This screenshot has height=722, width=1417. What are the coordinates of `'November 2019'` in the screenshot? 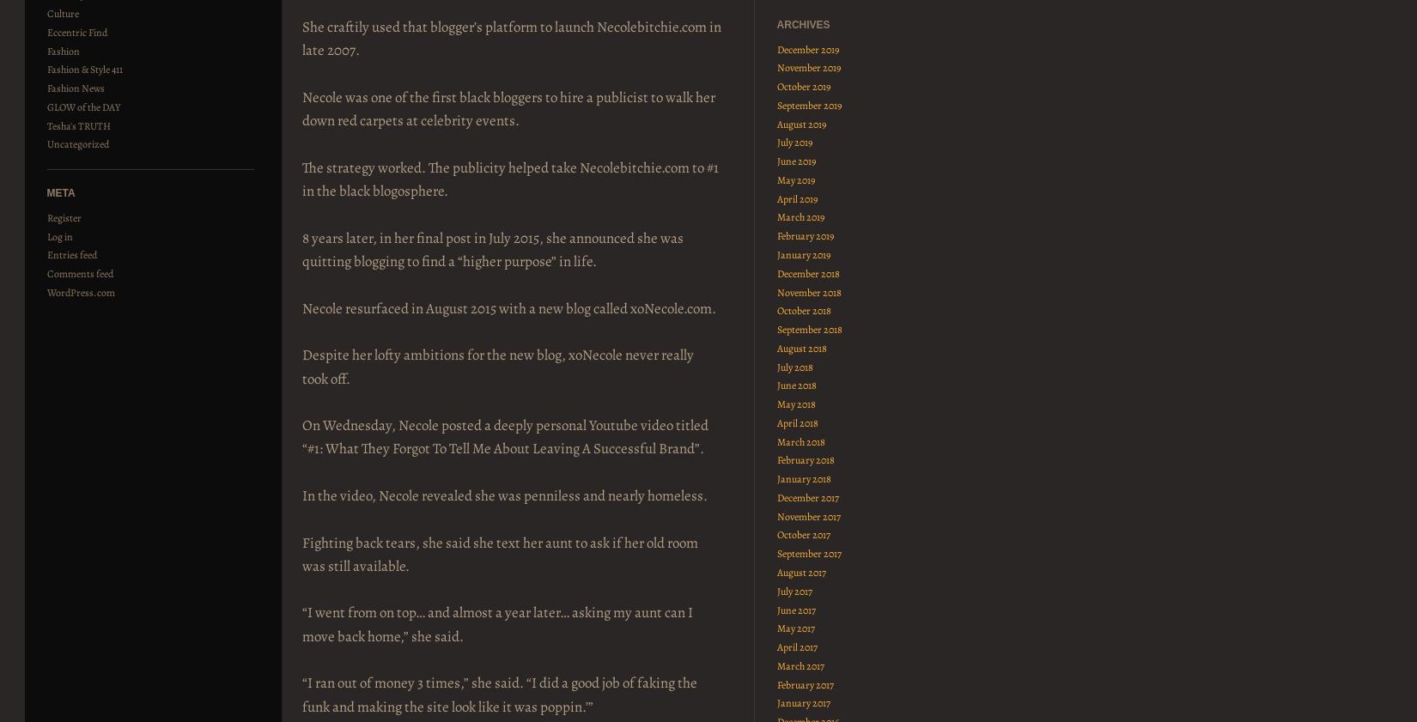 It's located at (776, 66).